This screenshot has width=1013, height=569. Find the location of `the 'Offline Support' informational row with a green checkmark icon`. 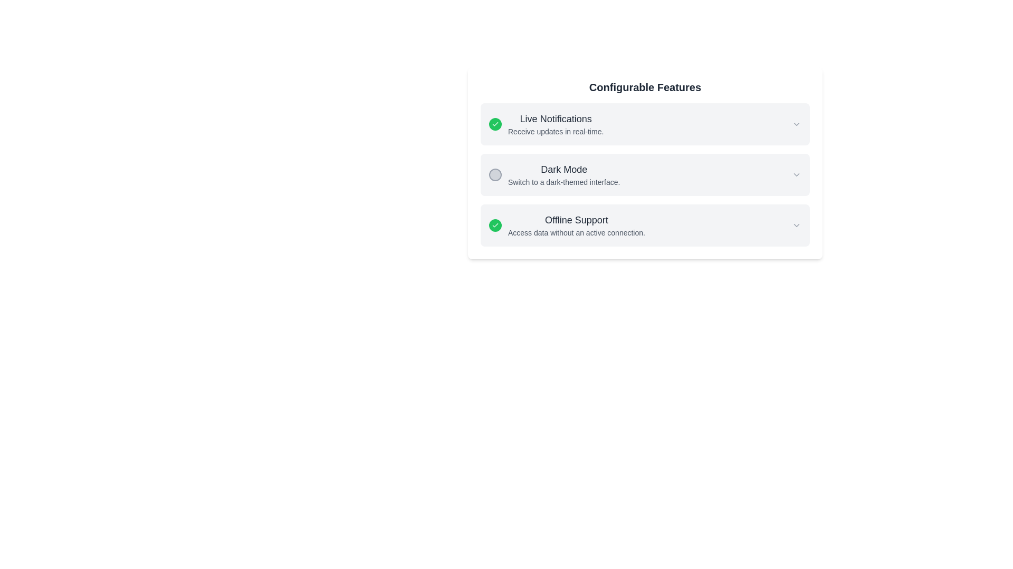

the 'Offline Support' informational row with a green checkmark icon is located at coordinates (567, 225).